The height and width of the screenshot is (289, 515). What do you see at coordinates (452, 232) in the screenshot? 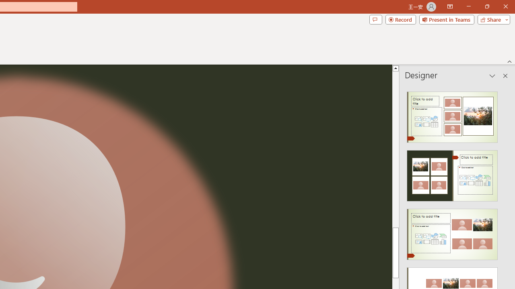
I see `'Design Idea'` at bounding box center [452, 232].